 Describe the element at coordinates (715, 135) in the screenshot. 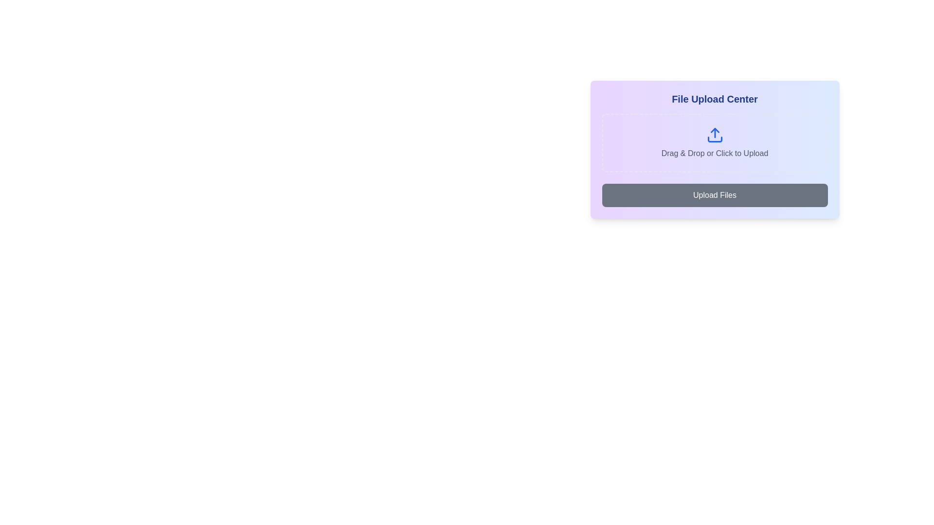

I see `the upload icon located centrally inside the drag-and-drop upload area of the 'File Upload Center', which is indicated by the text prompt 'Drag & Drop or Click to Upload'` at that location.